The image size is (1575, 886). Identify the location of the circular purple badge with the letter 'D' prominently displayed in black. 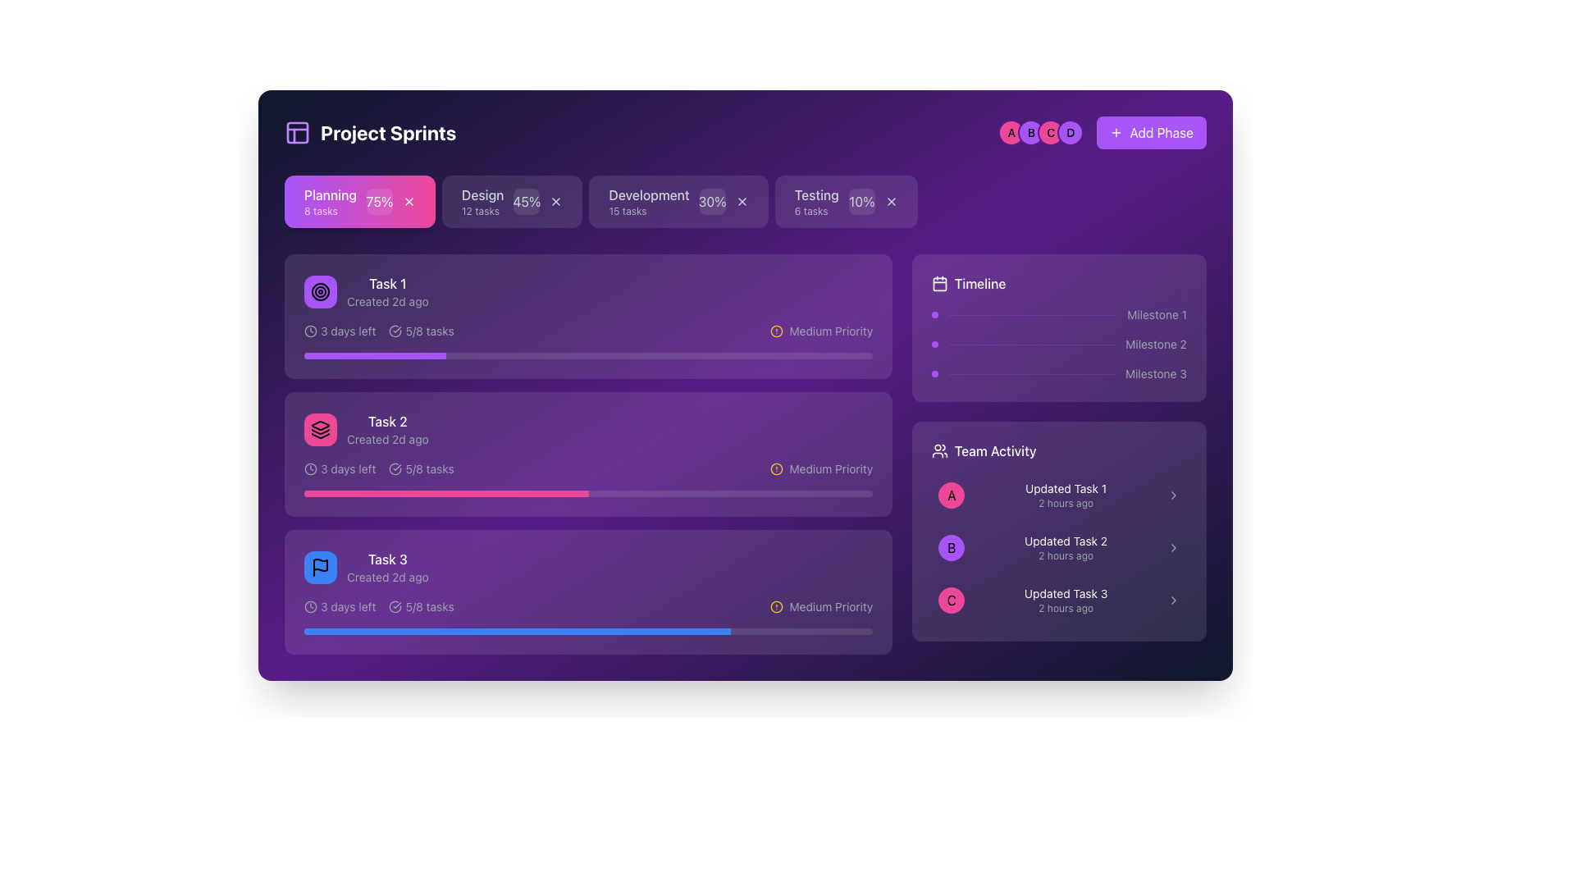
(1071, 132).